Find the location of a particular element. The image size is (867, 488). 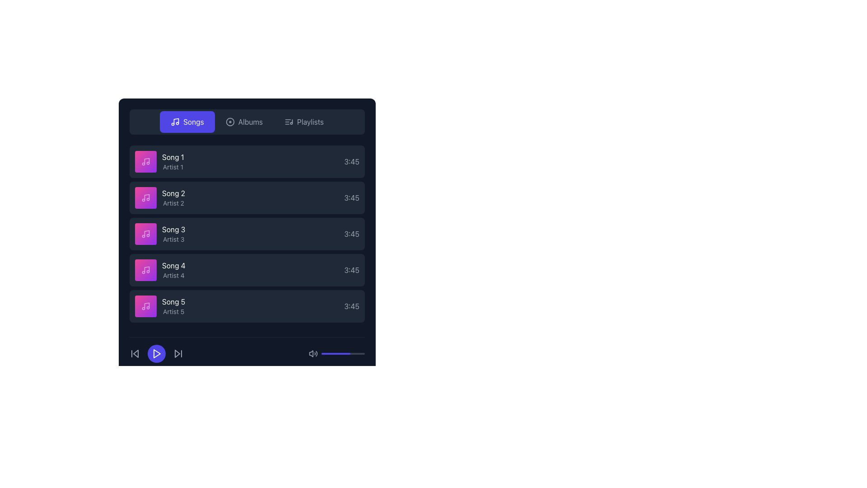

text label displaying 'Song 1', which is the title of the first song entry in the list, located at the top-left corner of the song entry row, directly above 'Artist 1' is located at coordinates (173, 156).